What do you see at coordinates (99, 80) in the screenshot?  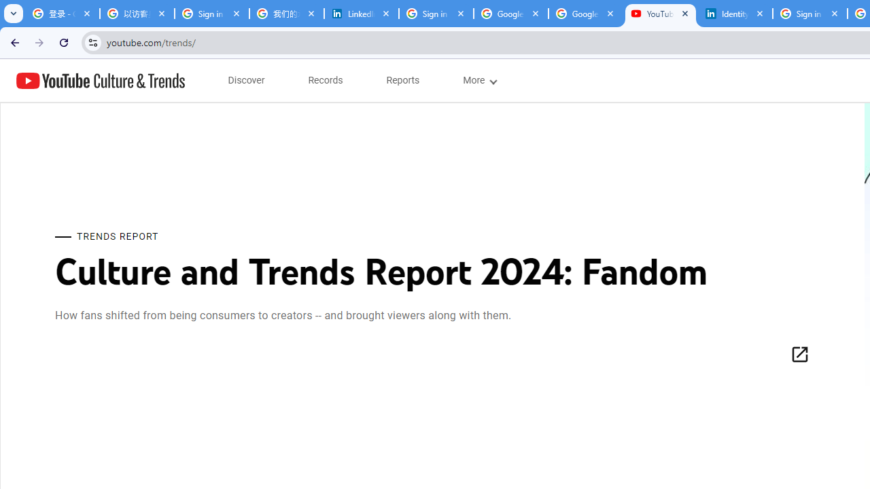 I see `'YouTube Culture & Trends'` at bounding box center [99, 80].